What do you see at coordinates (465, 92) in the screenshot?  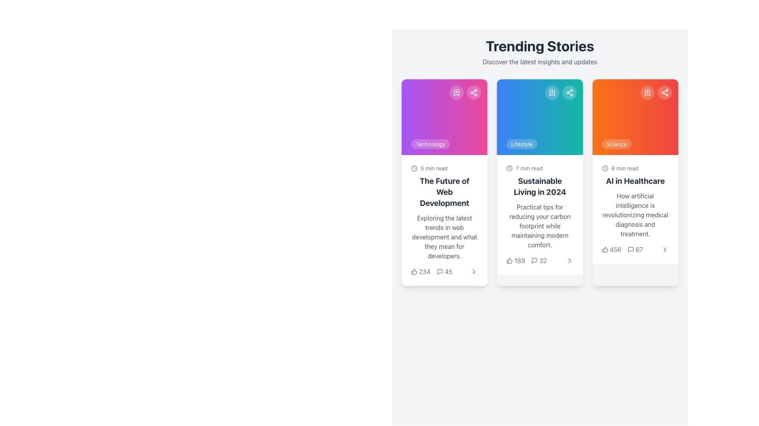 I see `the right button of the grouped interactive buttons (bookmark and share) located at the top-right corner of the card titled 'The Future of Web Development' in the 'Technology' category to share the content` at bounding box center [465, 92].